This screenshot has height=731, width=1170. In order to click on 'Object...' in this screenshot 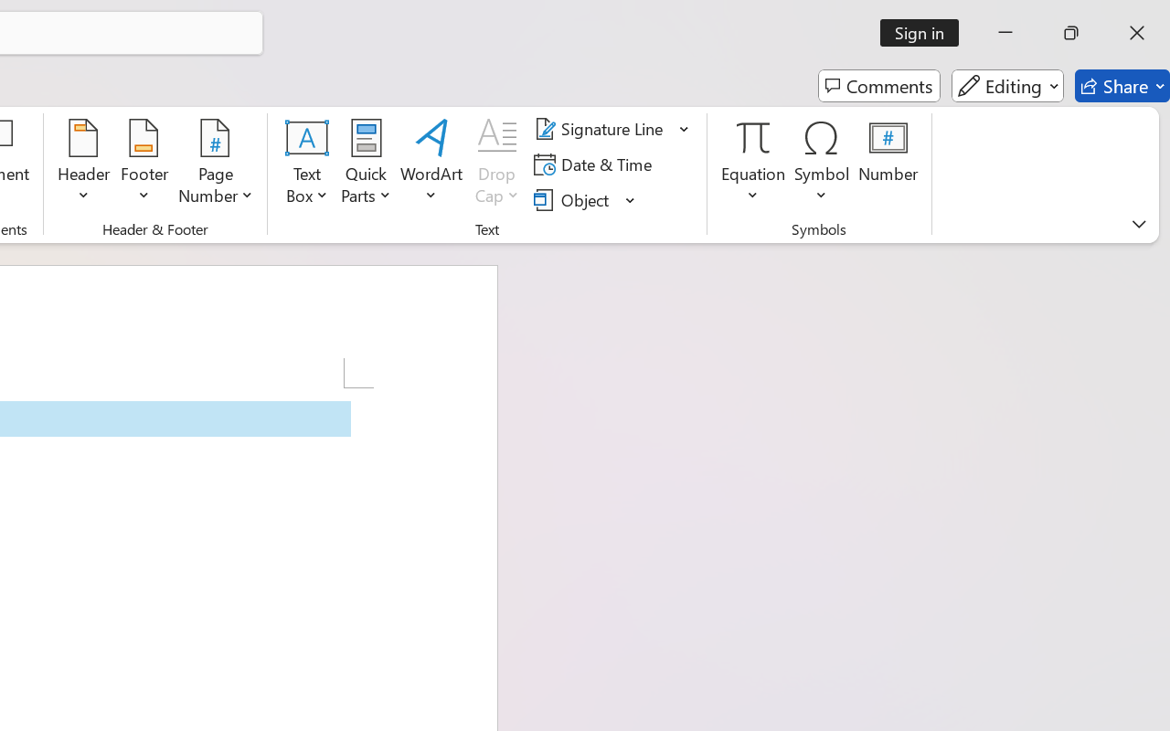, I will do `click(573, 199)`.